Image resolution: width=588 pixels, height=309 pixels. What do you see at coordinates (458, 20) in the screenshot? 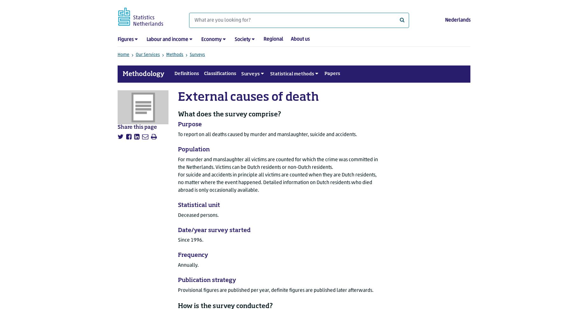
I see `'Nederlands'` at bounding box center [458, 20].